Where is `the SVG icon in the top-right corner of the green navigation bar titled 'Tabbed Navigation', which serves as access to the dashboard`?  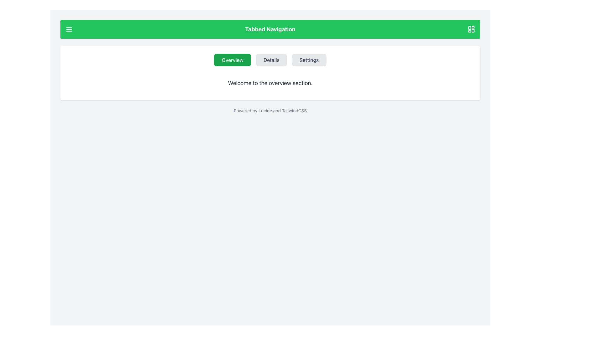 the SVG icon in the top-right corner of the green navigation bar titled 'Tabbed Navigation', which serves as access to the dashboard is located at coordinates (471, 29).